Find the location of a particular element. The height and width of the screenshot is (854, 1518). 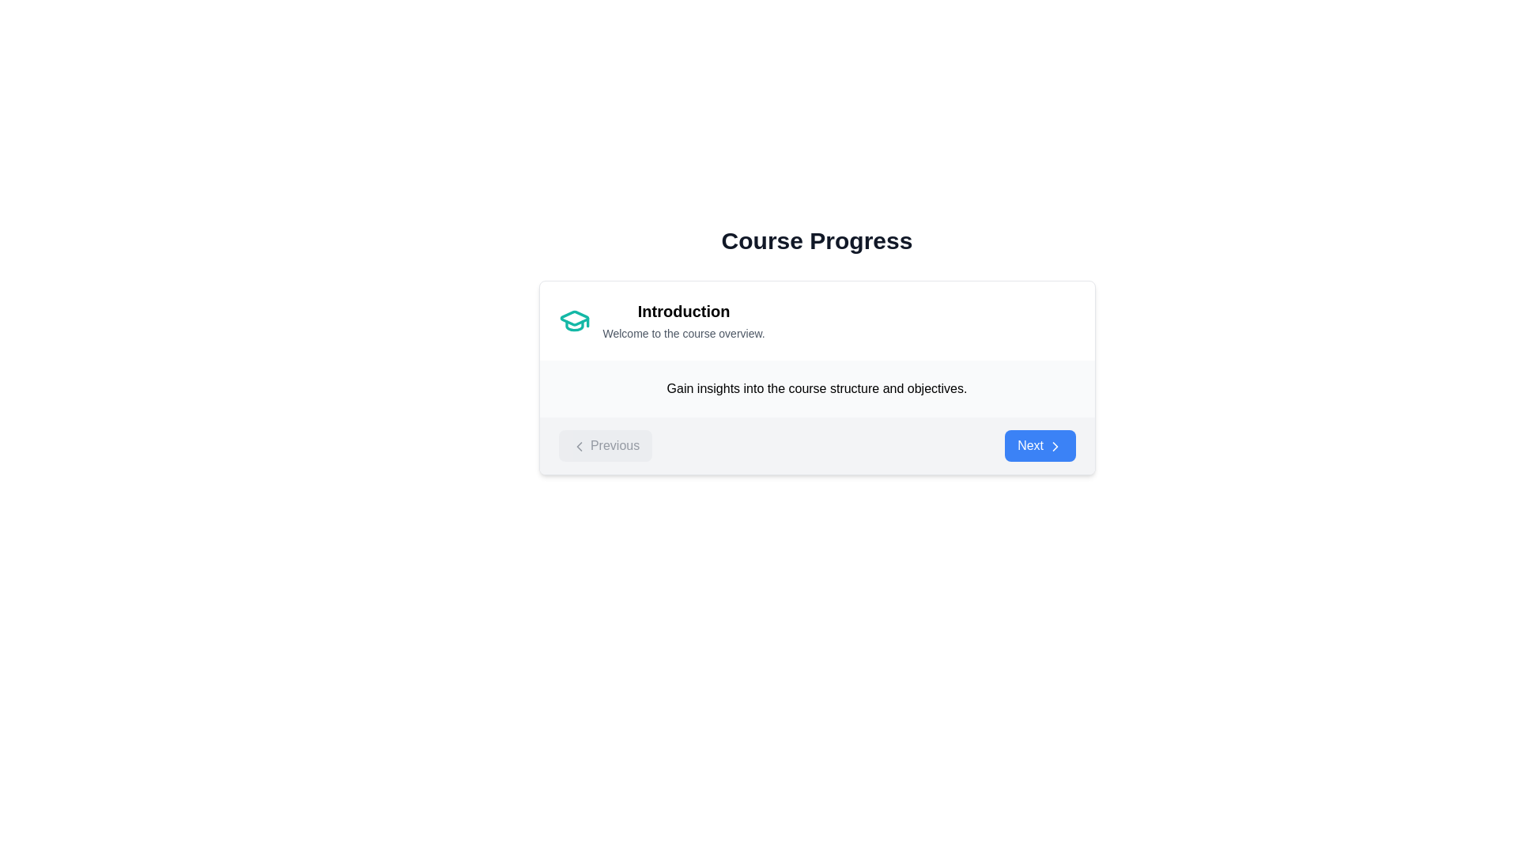

the left-pointing chevron icon within the 'Previous' button located in the bottom left corner of the active content box is located at coordinates (578, 446).